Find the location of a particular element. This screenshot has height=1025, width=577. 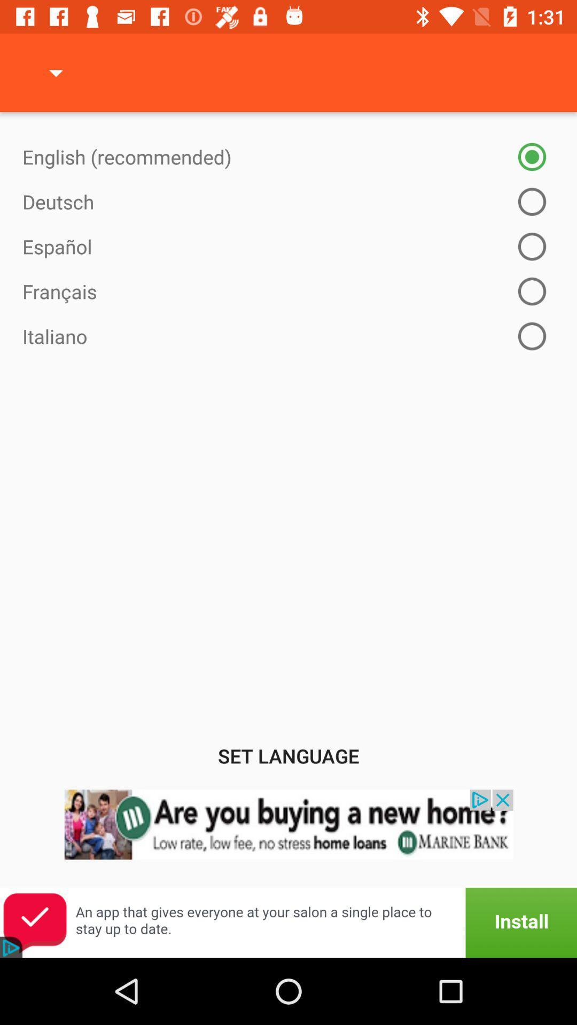

advert banner is located at coordinates (288, 922).